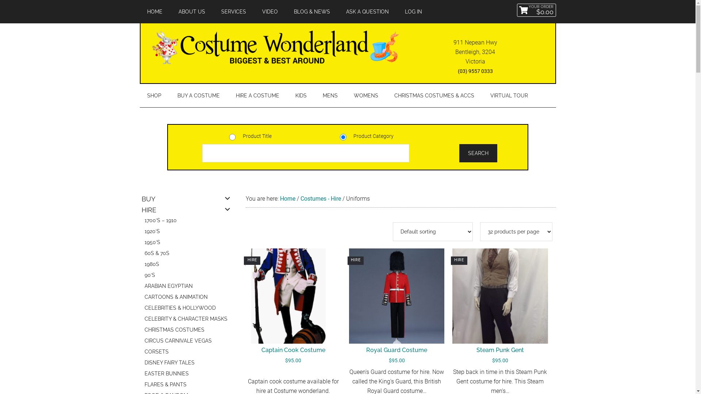 Image resolution: width=701 pixels, height=394 pixels. What do you see at coordinates (186, 298) in the screenshot?
I see `'CARTOONS & ANIMATION'` at bounding box center [186, 298].